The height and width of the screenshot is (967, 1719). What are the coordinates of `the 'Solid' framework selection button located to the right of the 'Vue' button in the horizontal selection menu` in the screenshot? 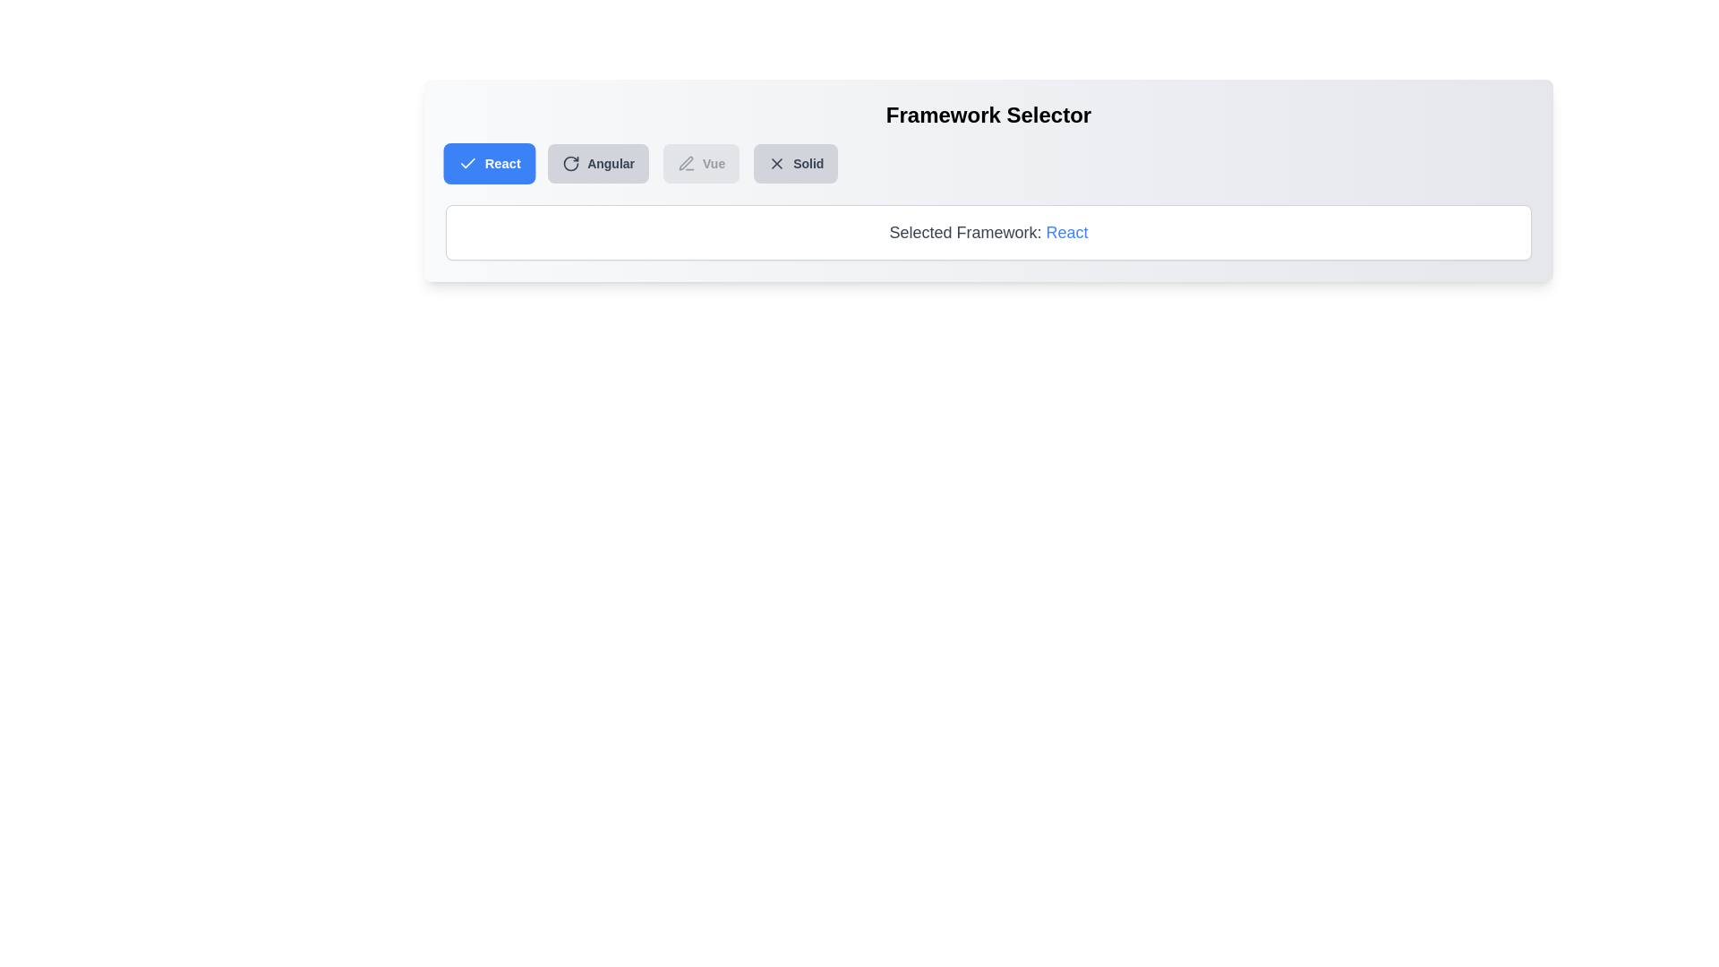 It's located at (794, 163).